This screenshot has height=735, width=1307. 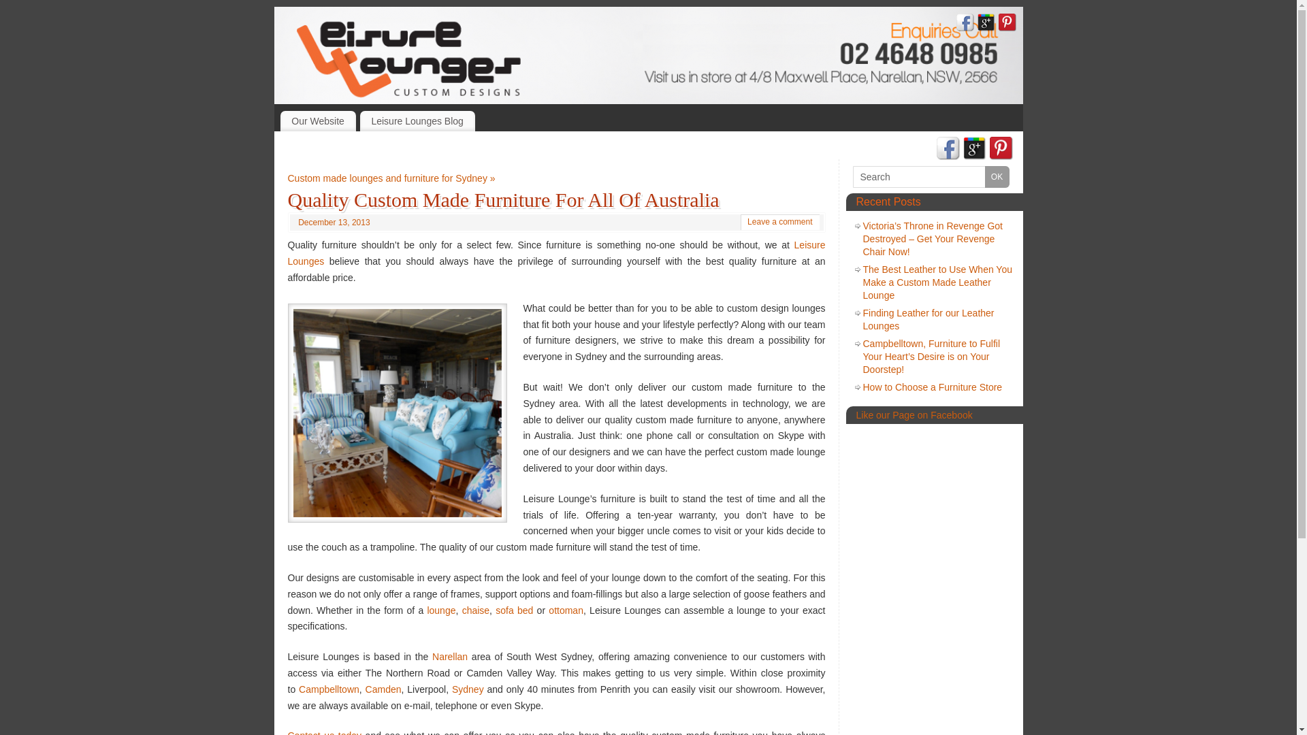 I want to click on 'Pinterest', so click(x=1001, y=150).